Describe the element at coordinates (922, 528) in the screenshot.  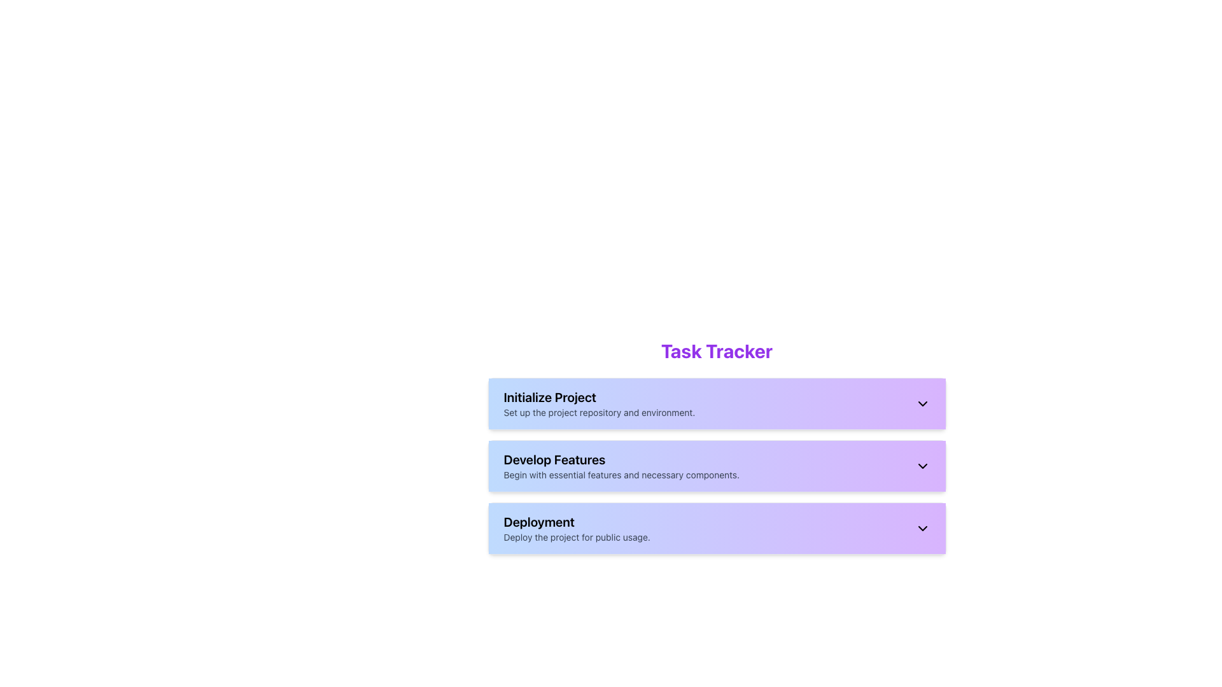
I see `the downward-pointing chevron toggle indicator located in the bottommost section labeled 'Deployment', aligned to the right within a blue-to-purple gradient background` at that location.